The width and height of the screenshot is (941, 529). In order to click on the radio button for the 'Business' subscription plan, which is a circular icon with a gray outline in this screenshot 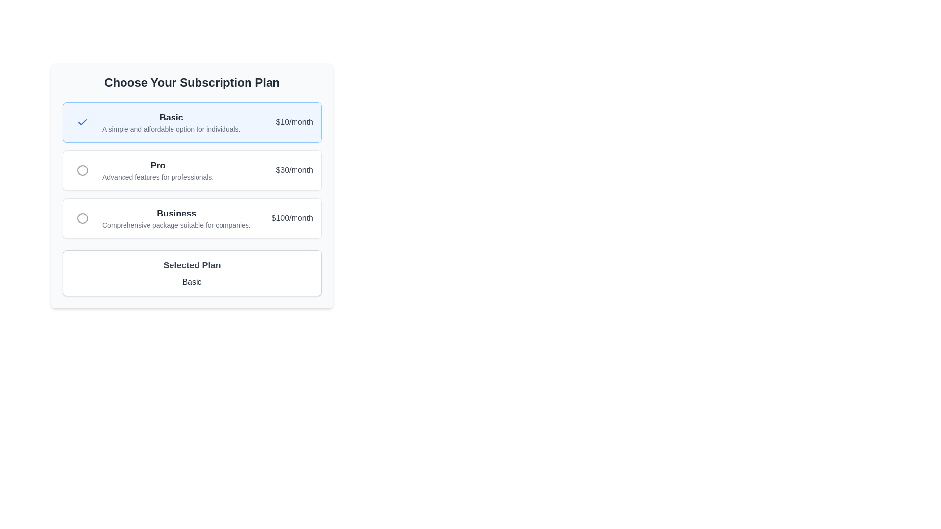, I will do `click(82, 218)`.